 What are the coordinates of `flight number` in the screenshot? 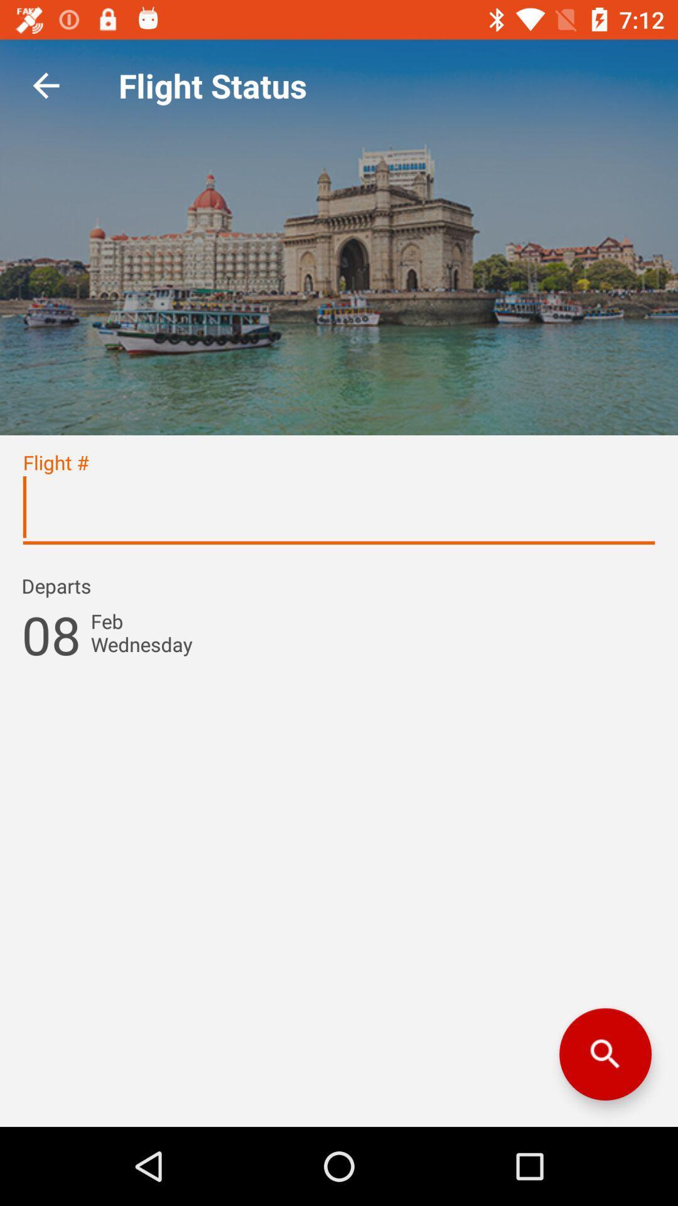 It's located at (339, 513).